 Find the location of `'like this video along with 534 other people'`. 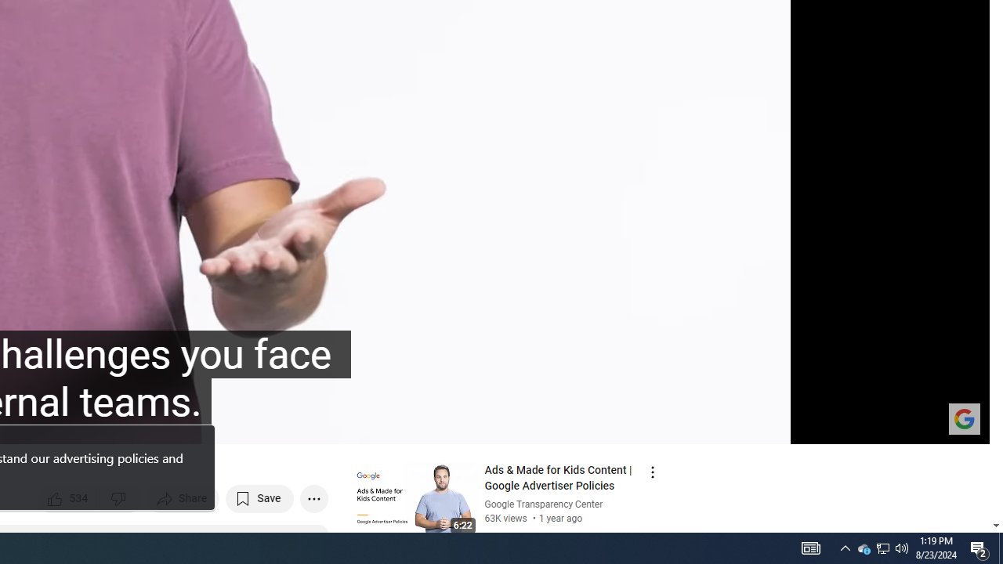

'like this video along with 534 other people' is located at coordinates (68, 498).